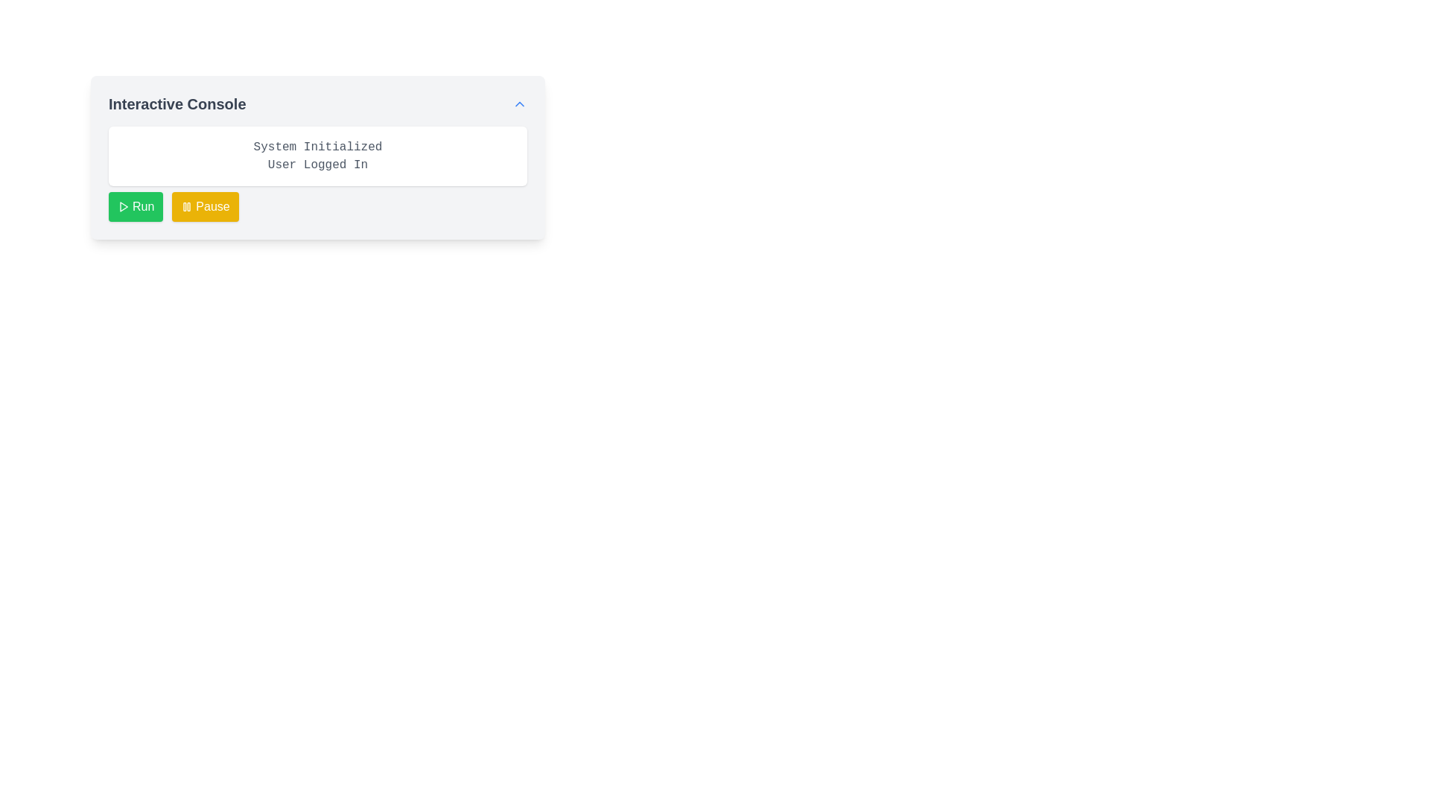  What do you see at coordinates (317, 165) in the screenshot?
I see `the static text element that indicates the login status, displaying 'User Logged In.'` at bounding box center [317, 165].